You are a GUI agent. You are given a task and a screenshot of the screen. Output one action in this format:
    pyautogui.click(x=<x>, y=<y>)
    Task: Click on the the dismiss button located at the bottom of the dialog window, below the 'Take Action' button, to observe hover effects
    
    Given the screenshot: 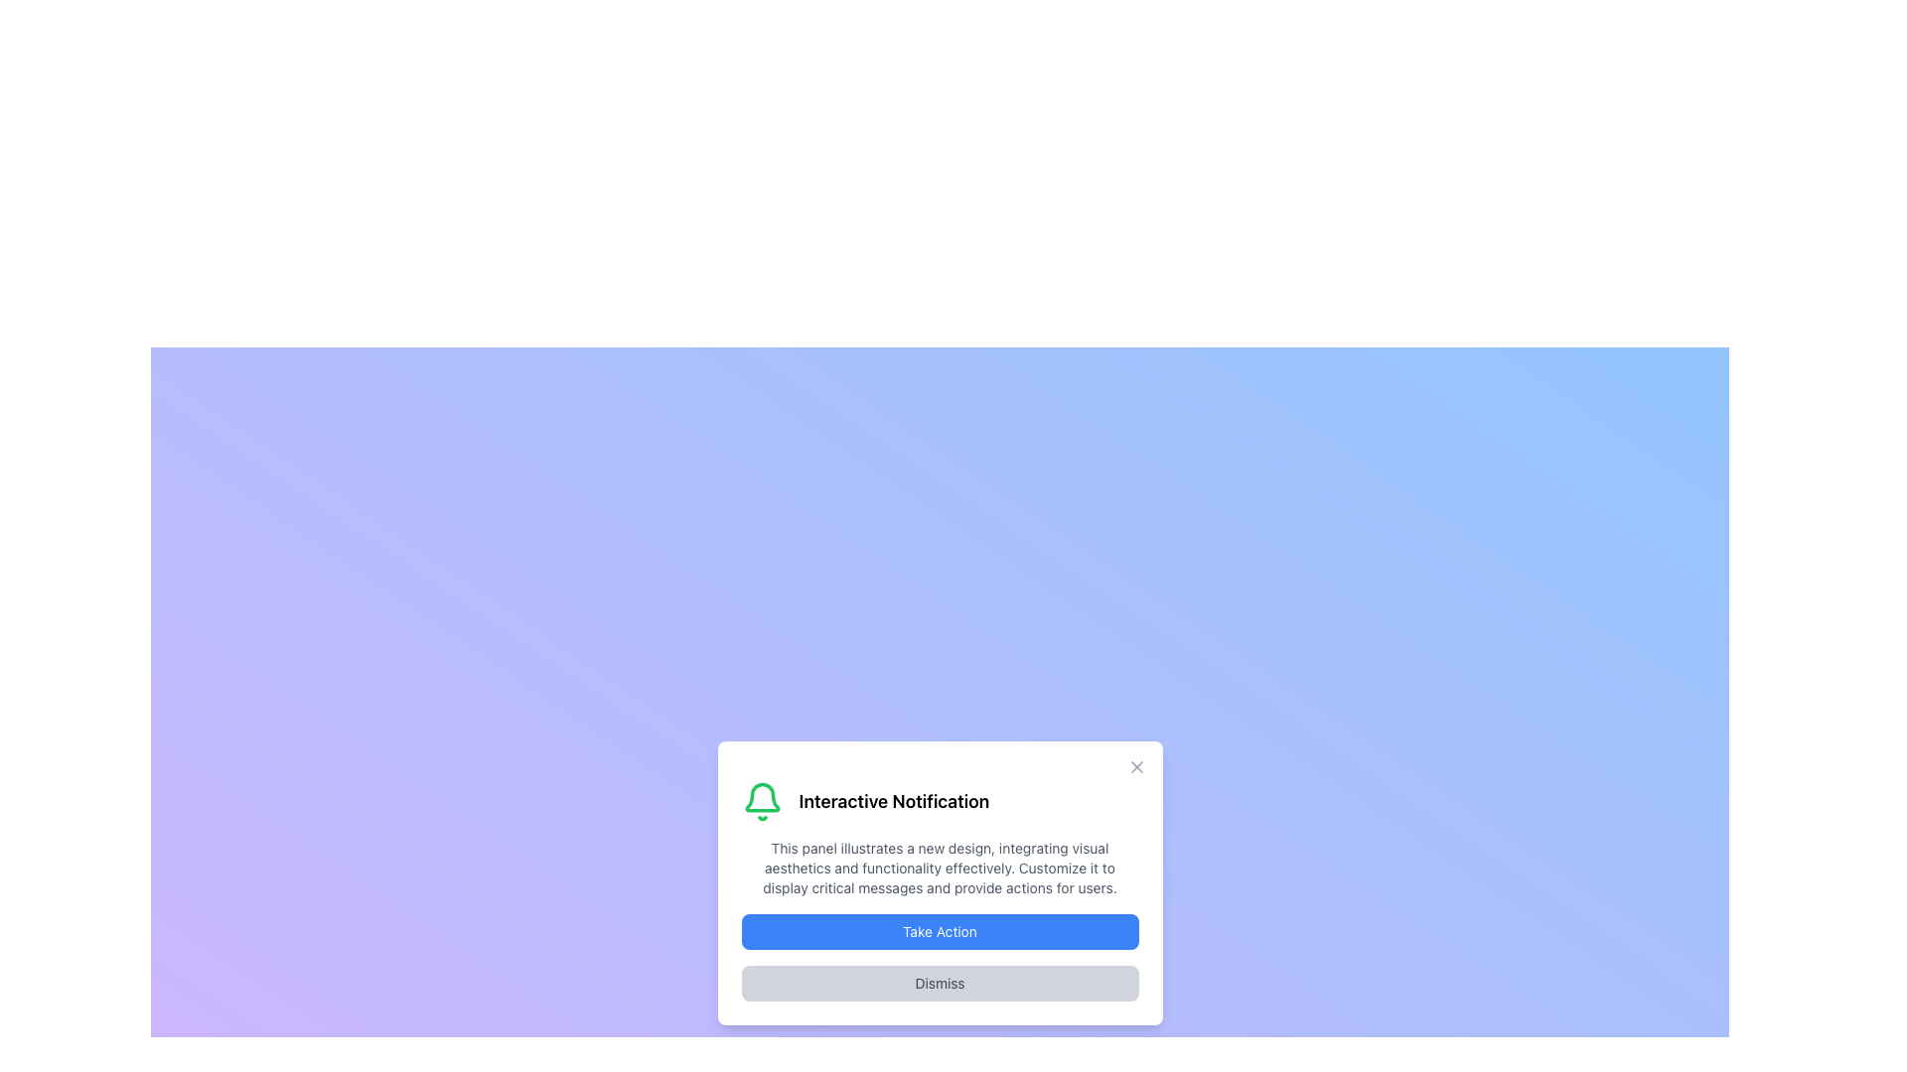 What is the action you would take?
    pyautogui.click(x=939, y=984)
    